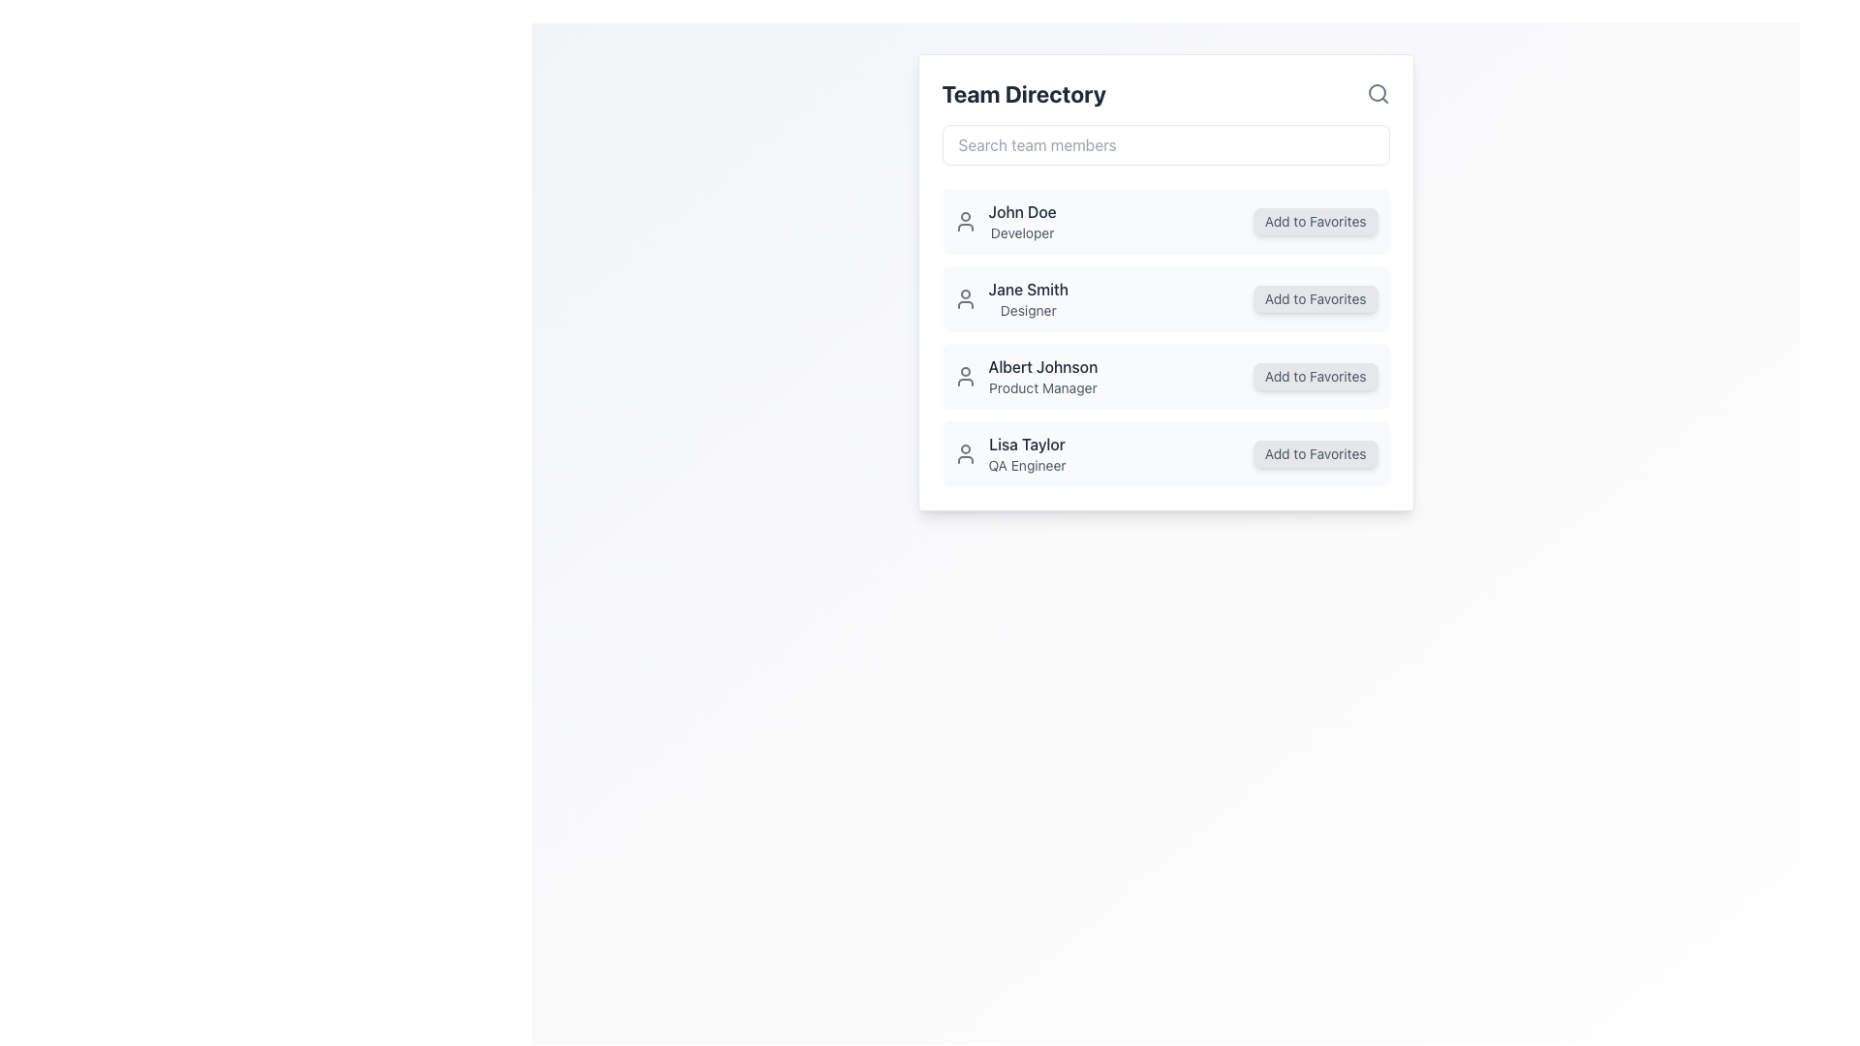 Image resolution: width=1860 pixels, height=1046 pixels. What do you see at coordinates (1316, 377) in the screenshot?
I see `the 'Add to Favorites' button located in the third row of the 'Albert Johnson' entry` at bounding box center [1316, 377].